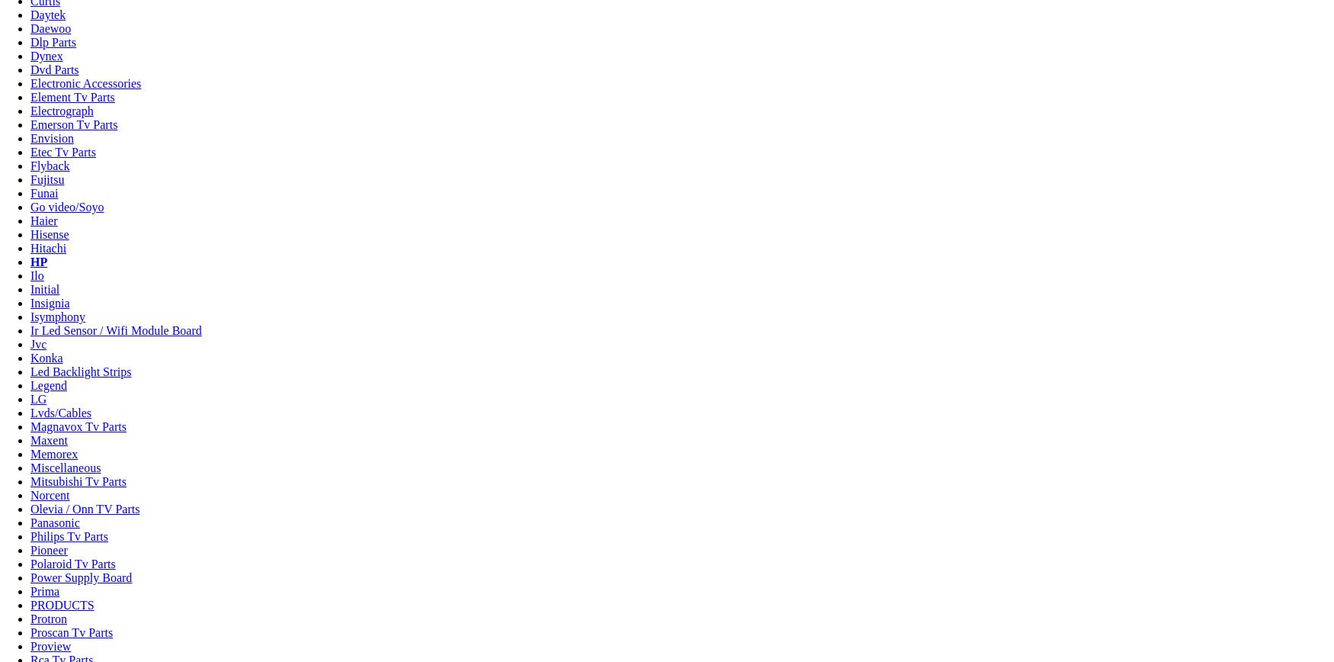 This screenshot has width=1334, height=662. Describe the element at coordinates (62, 111) in the screenshot. I see `'Electrograph'` at that location.